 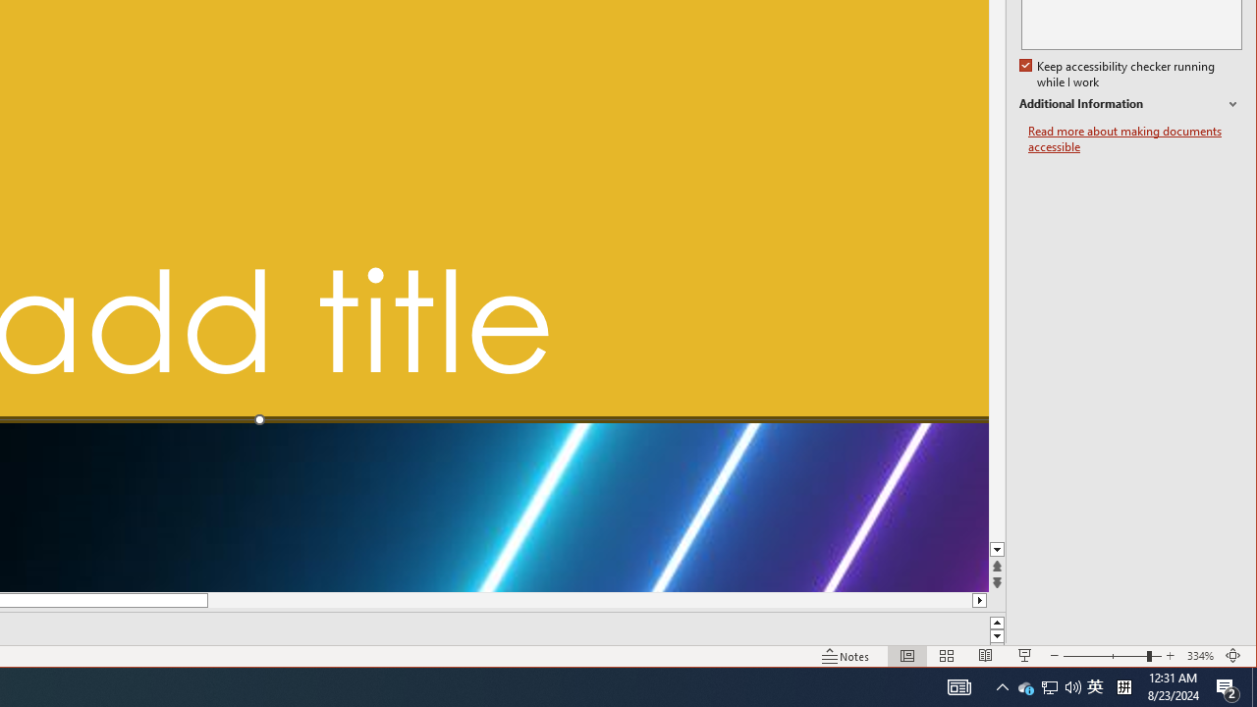 I want to click on 'Action Center, 2 new notifications', so click(x=1228, y=685).